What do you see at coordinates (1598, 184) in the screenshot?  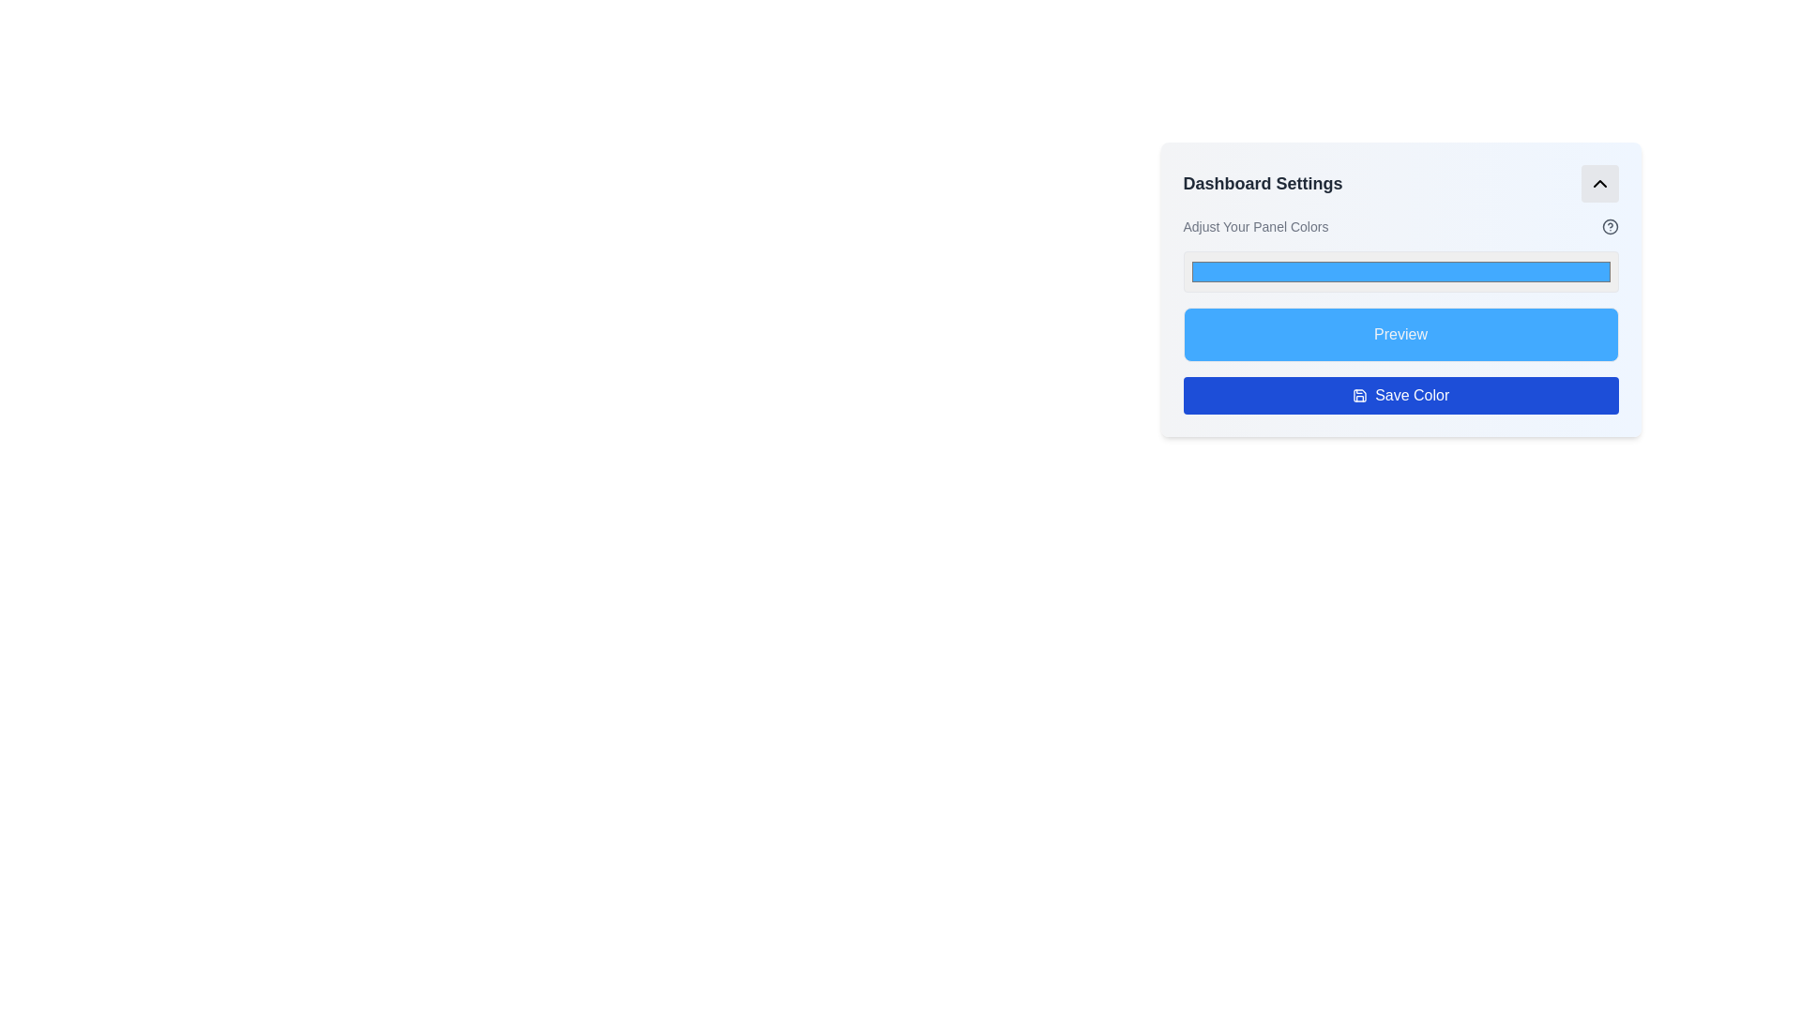 I see `the upward-pointing chevron icon within the button in the top right corner of the 'Dashboard Settings' card to receive interactivity feedback` at bounding box center [1598, 184].